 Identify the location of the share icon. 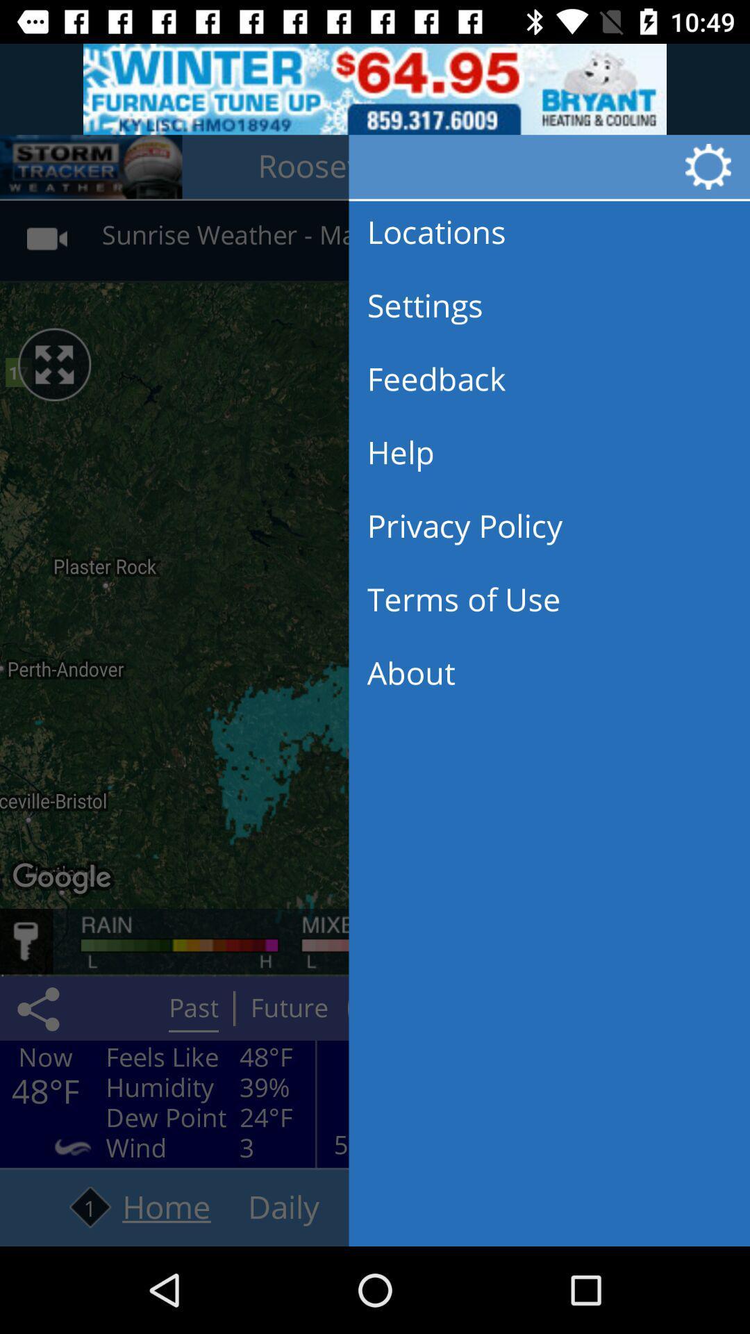
(40, 1008).